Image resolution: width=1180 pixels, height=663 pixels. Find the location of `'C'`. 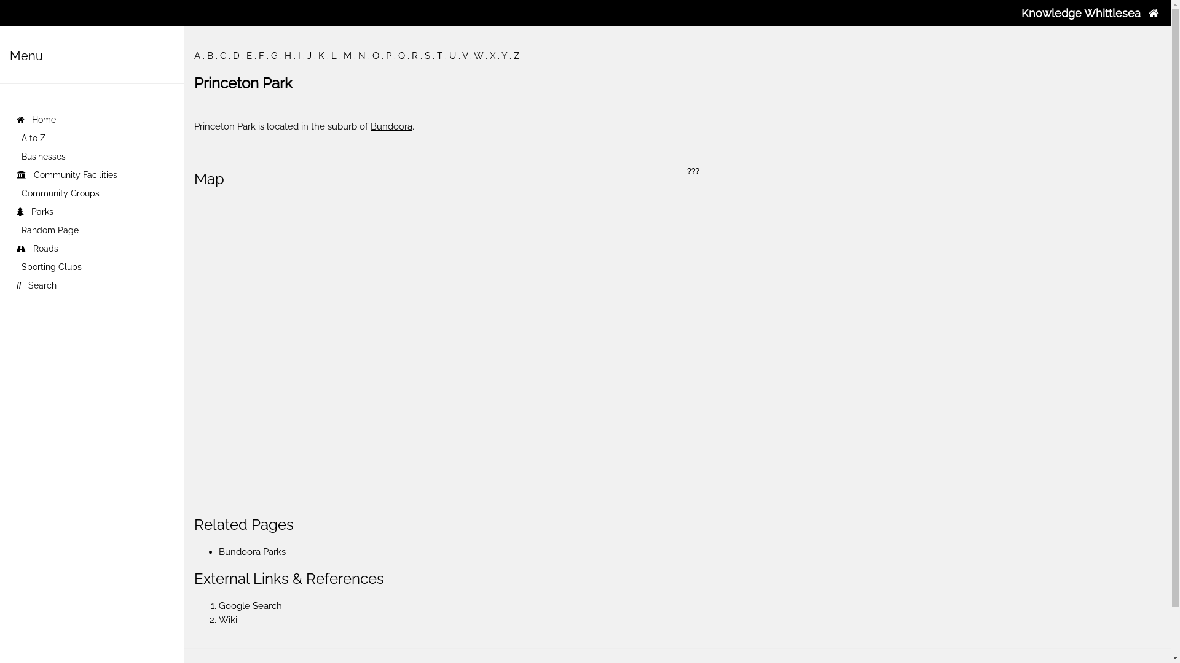

'C' is located at coordinates (223, 56).